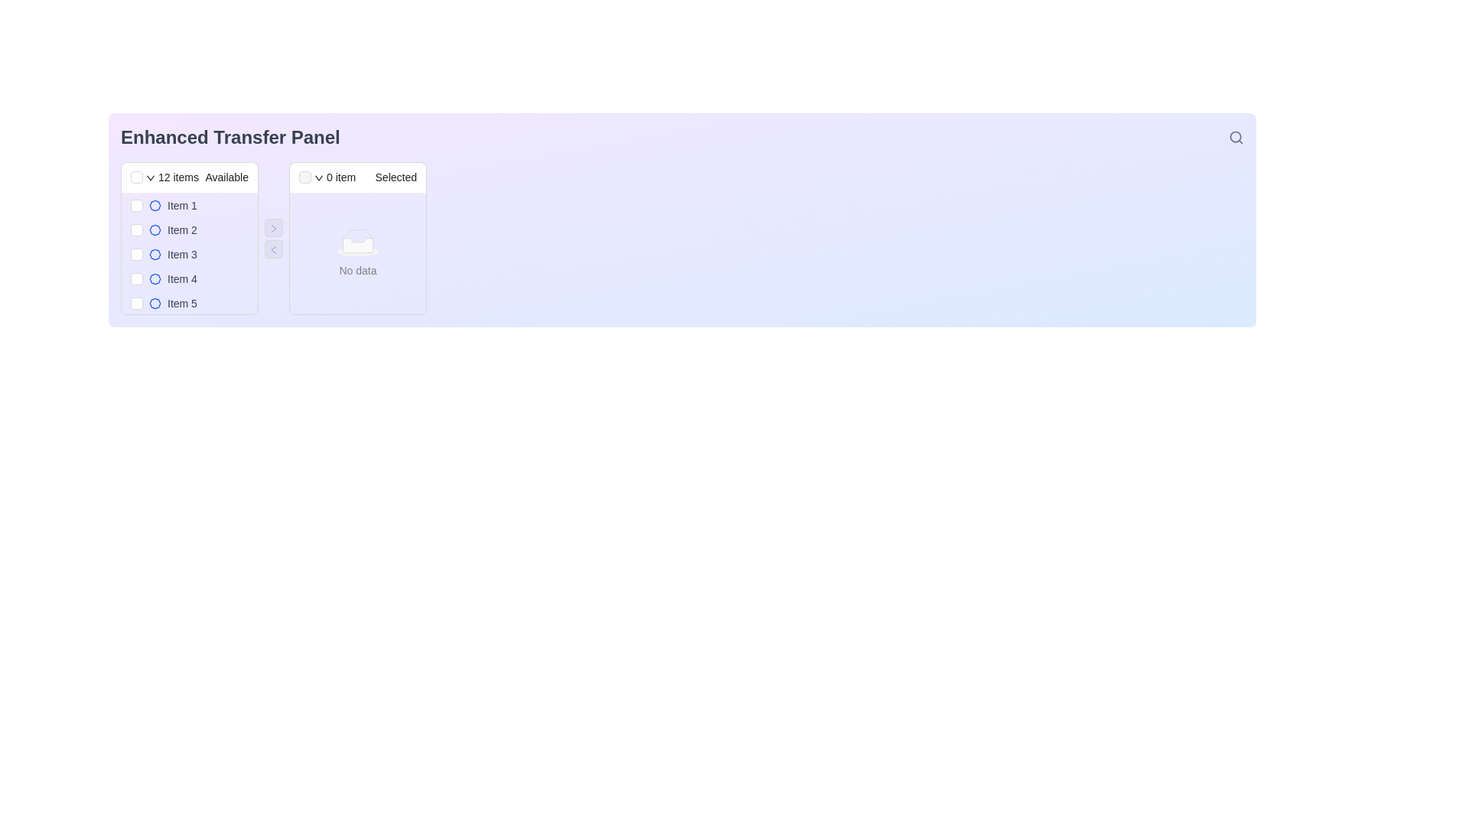 The image size is (1469, 826). I want to click on the checkbox for 'Item 4' in the 'Available' column, so click(136, 279).